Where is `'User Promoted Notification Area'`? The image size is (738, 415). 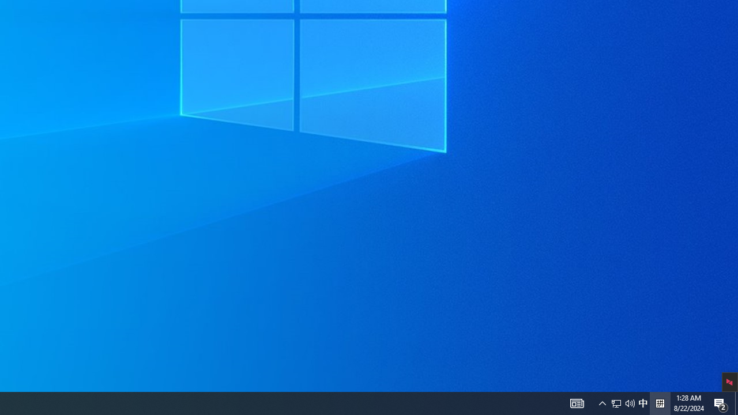
'User Promoted Notification Area' is located at coordinates (622, 402).